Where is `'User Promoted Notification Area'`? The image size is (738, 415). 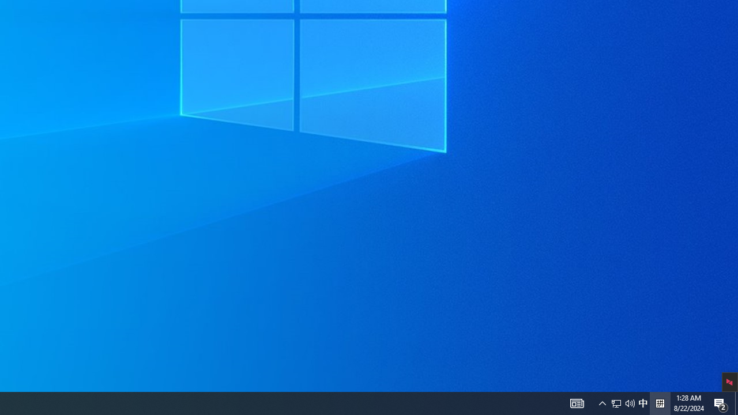
'User Promoted Notification Area' is located at coordinates (622, 402).